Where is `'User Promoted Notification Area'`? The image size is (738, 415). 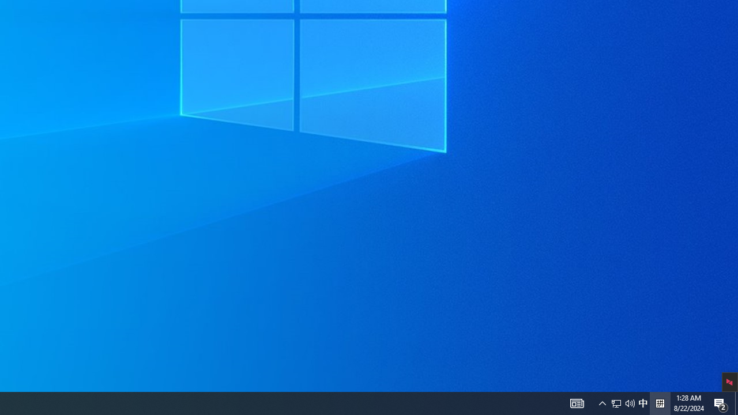
'User Promoted Notification Area' is located at coordinates (622, 402).